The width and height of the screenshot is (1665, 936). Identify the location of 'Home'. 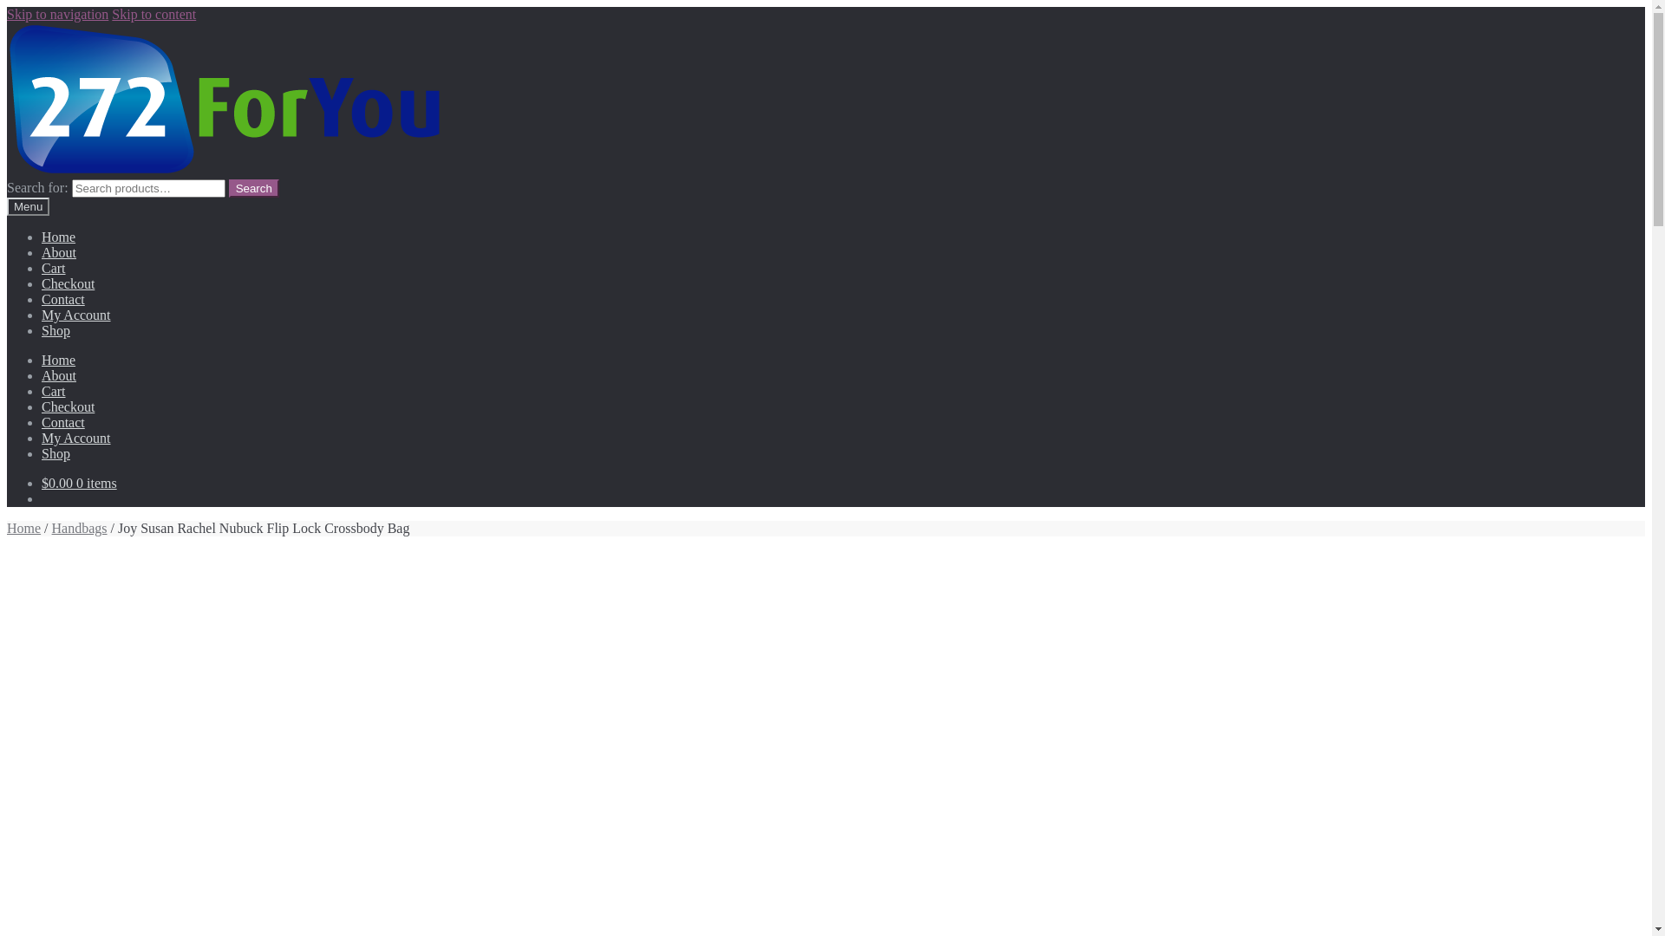
(58, 237).